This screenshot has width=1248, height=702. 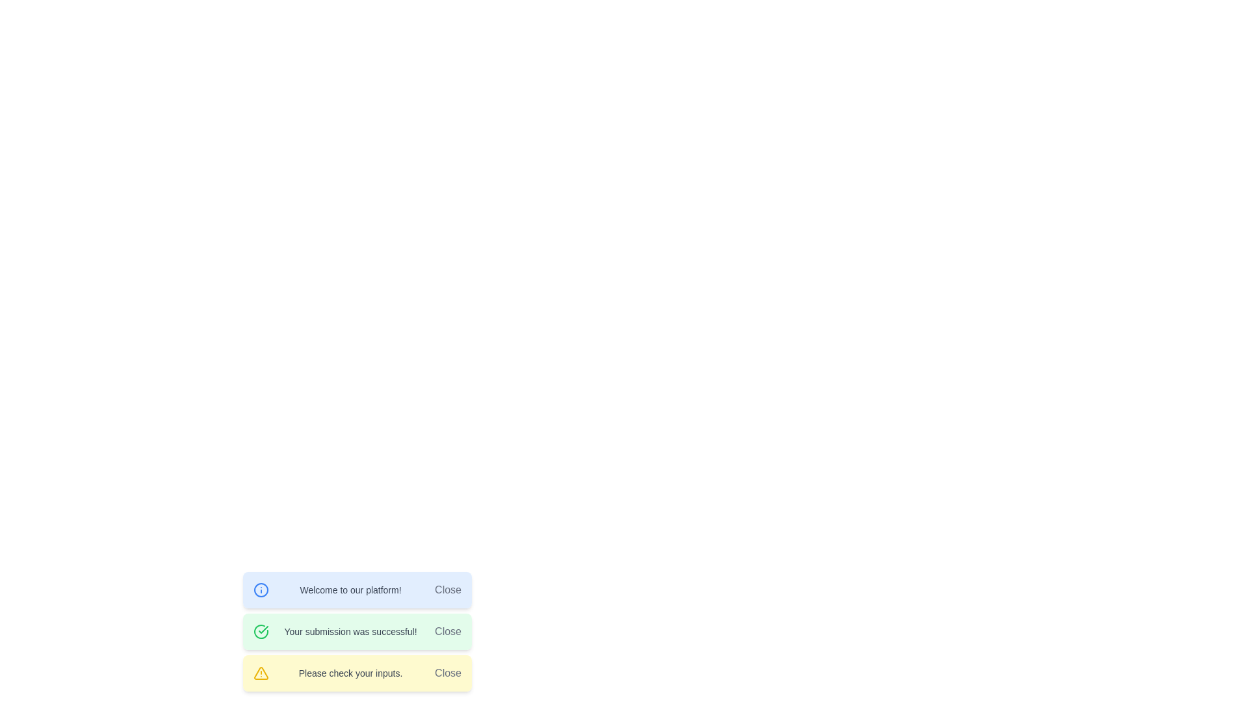 I want to click on the 'Close' button located in the top right section of the notification box, so click(x=448, y=590).